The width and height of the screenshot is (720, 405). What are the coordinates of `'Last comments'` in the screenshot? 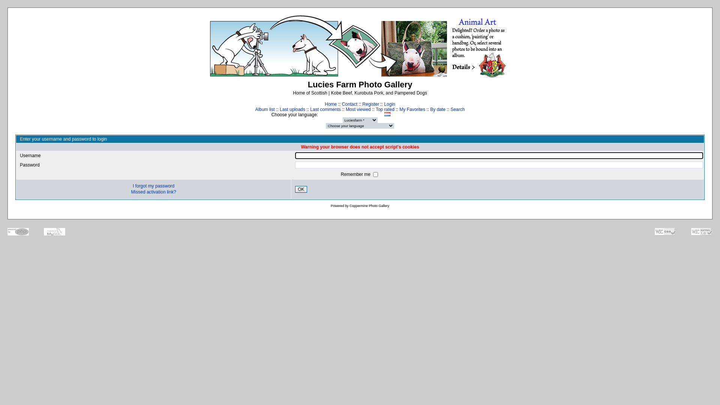 It's located at (325, 109).